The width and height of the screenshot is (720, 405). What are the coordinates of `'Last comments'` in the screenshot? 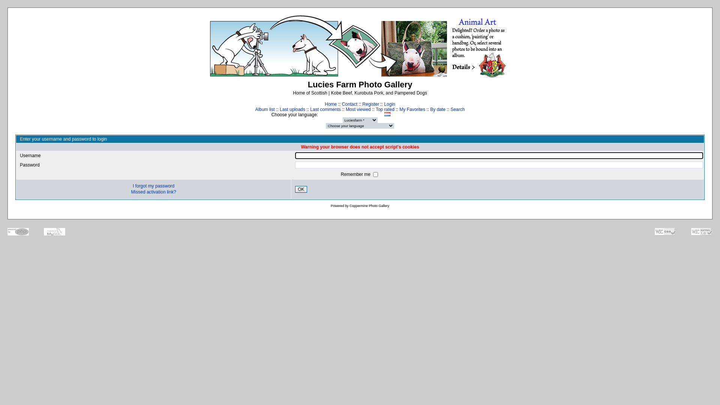 It's located at (325, 109).